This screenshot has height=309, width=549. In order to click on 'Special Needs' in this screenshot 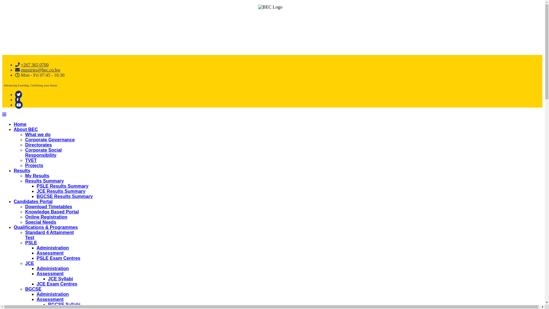, I will do `click(40, 222)`.